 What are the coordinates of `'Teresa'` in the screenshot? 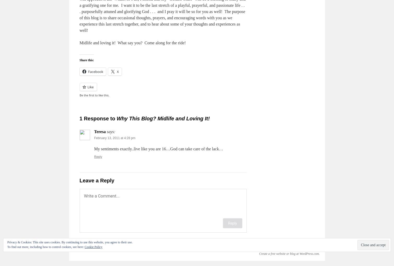 It's located at (99, 131).